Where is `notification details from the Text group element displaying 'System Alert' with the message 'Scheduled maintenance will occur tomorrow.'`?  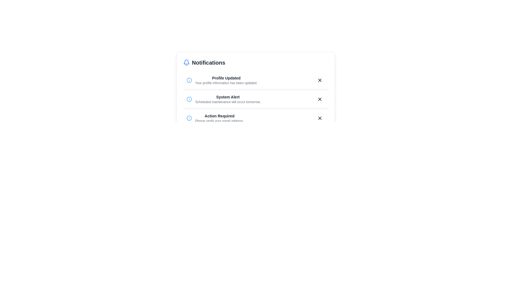
notification details from the Text group element displaying 'System Alert' with the message 'Scheduled maintenance will occur tomorrow.' is located at coordinates (228, 99).